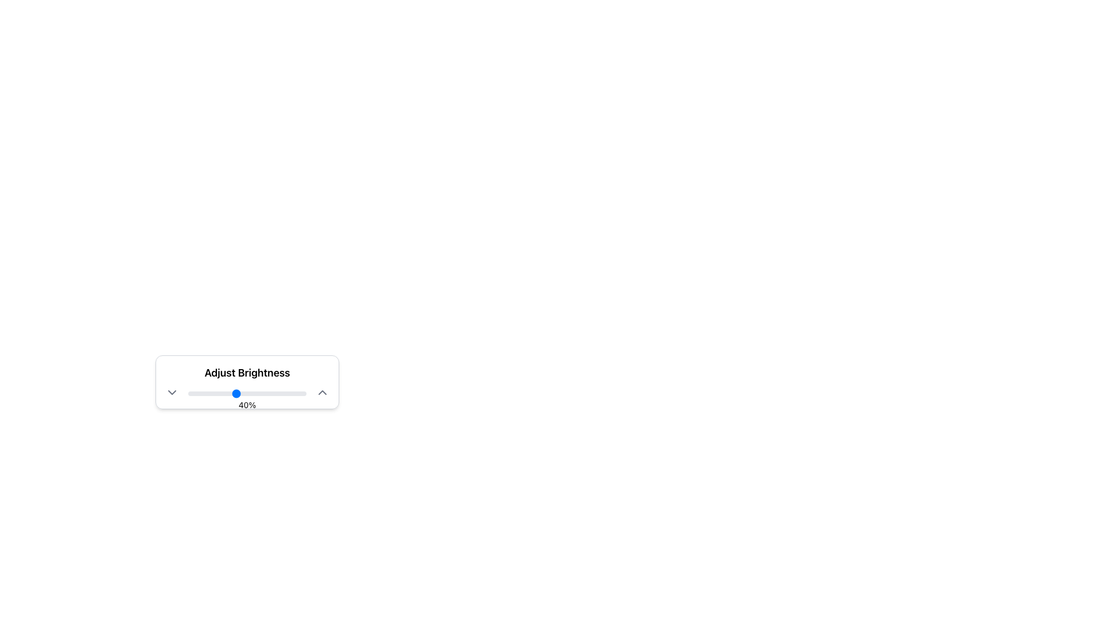 This screenshot has height=619, width=1102. I want to click on the brightness value, so click(273, 393).